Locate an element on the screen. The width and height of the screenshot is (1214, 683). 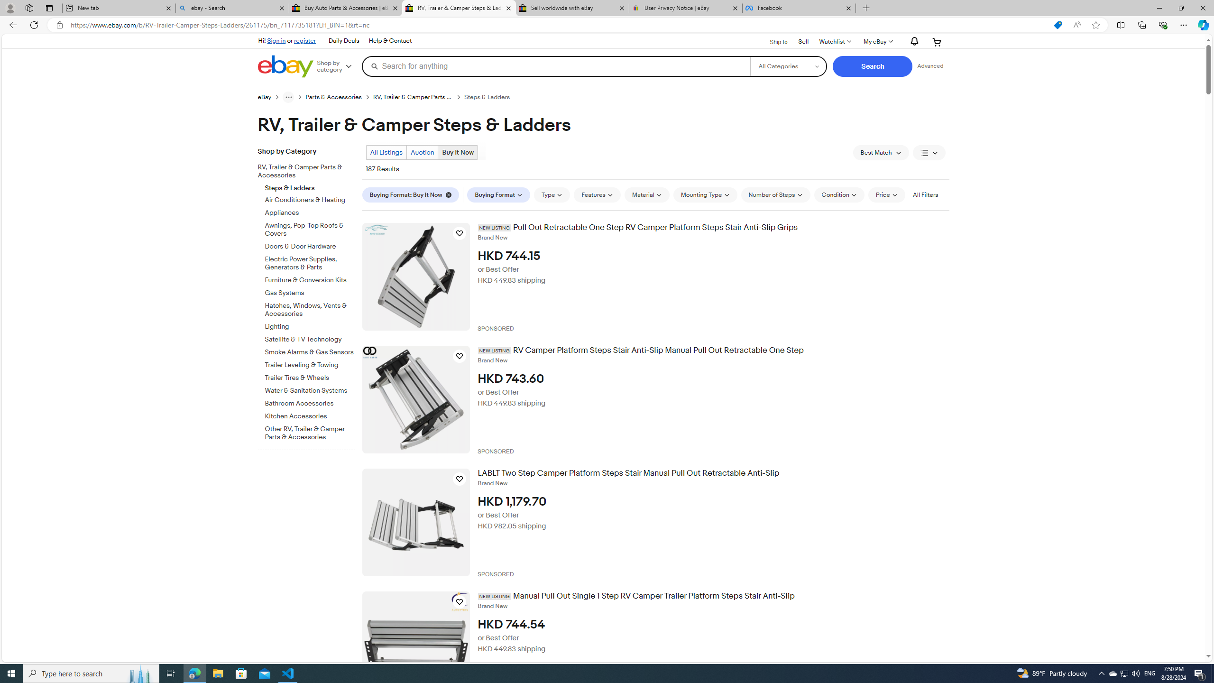
'Type' is located at coordinates (552, 194).